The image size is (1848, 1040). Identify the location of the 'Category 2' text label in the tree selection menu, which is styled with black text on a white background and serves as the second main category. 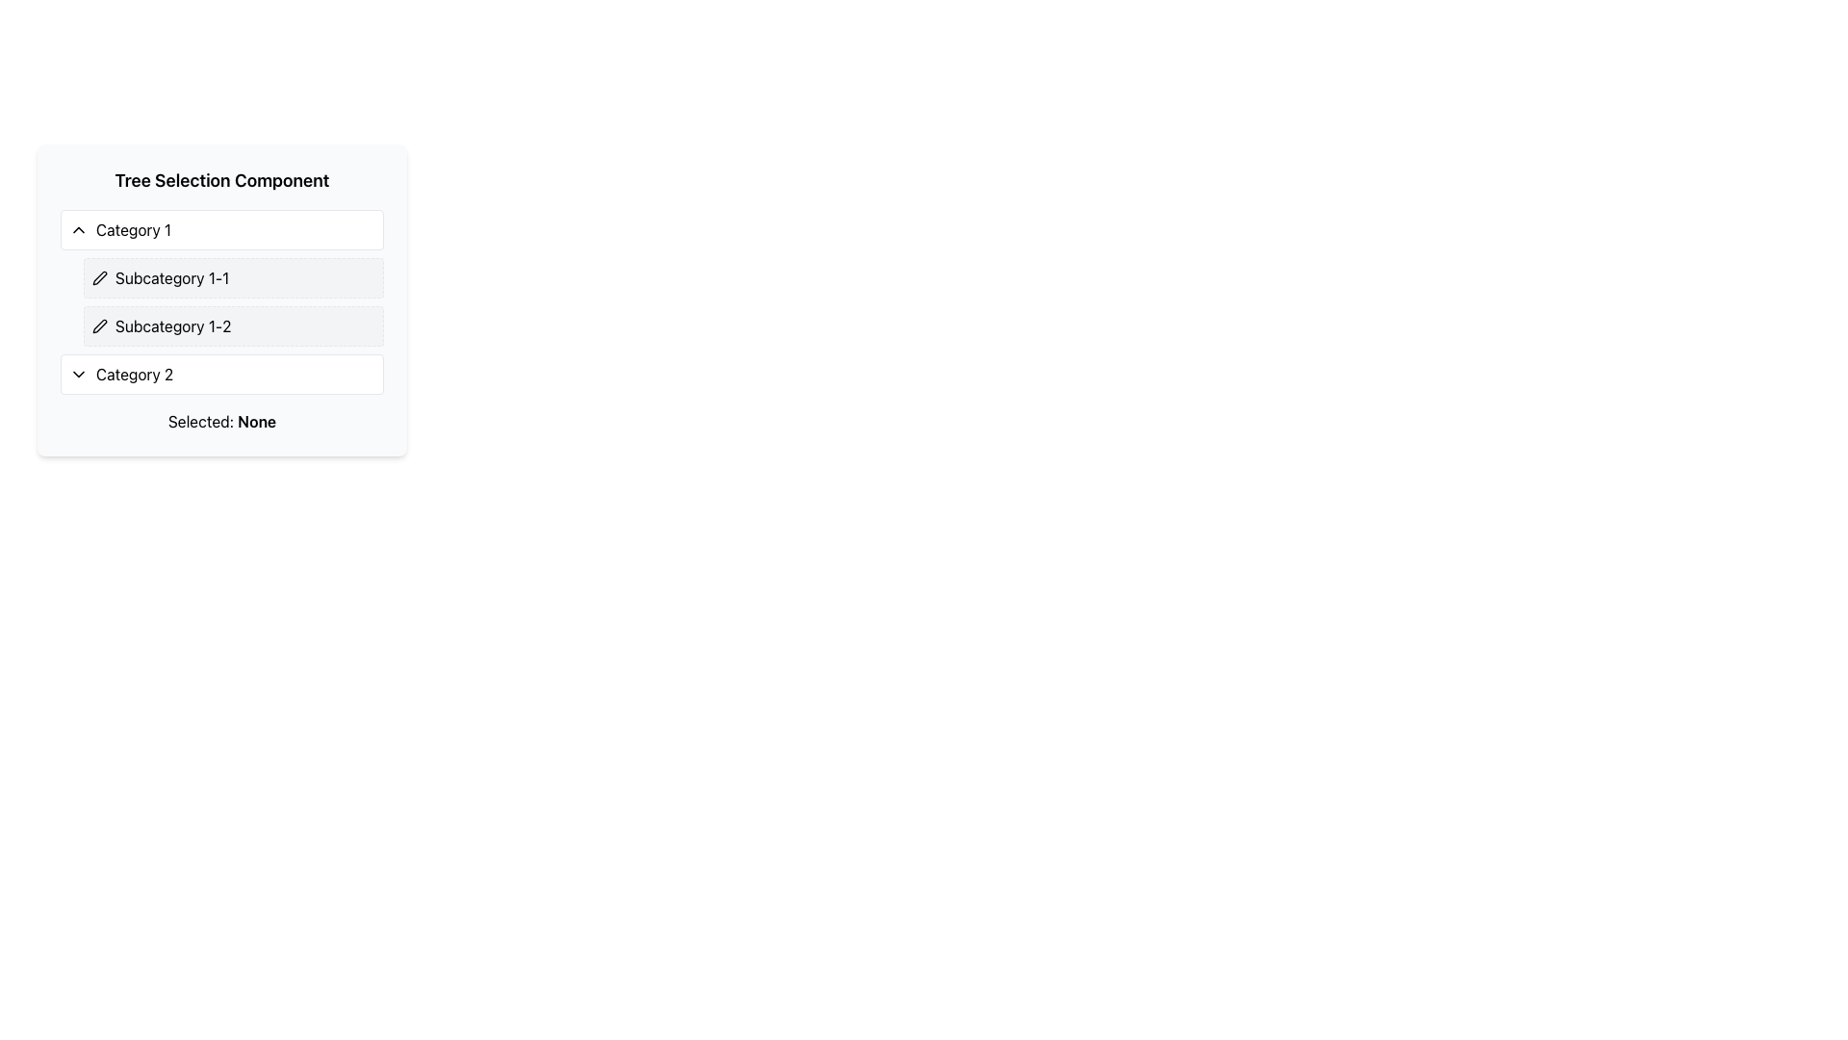
(134, 375).